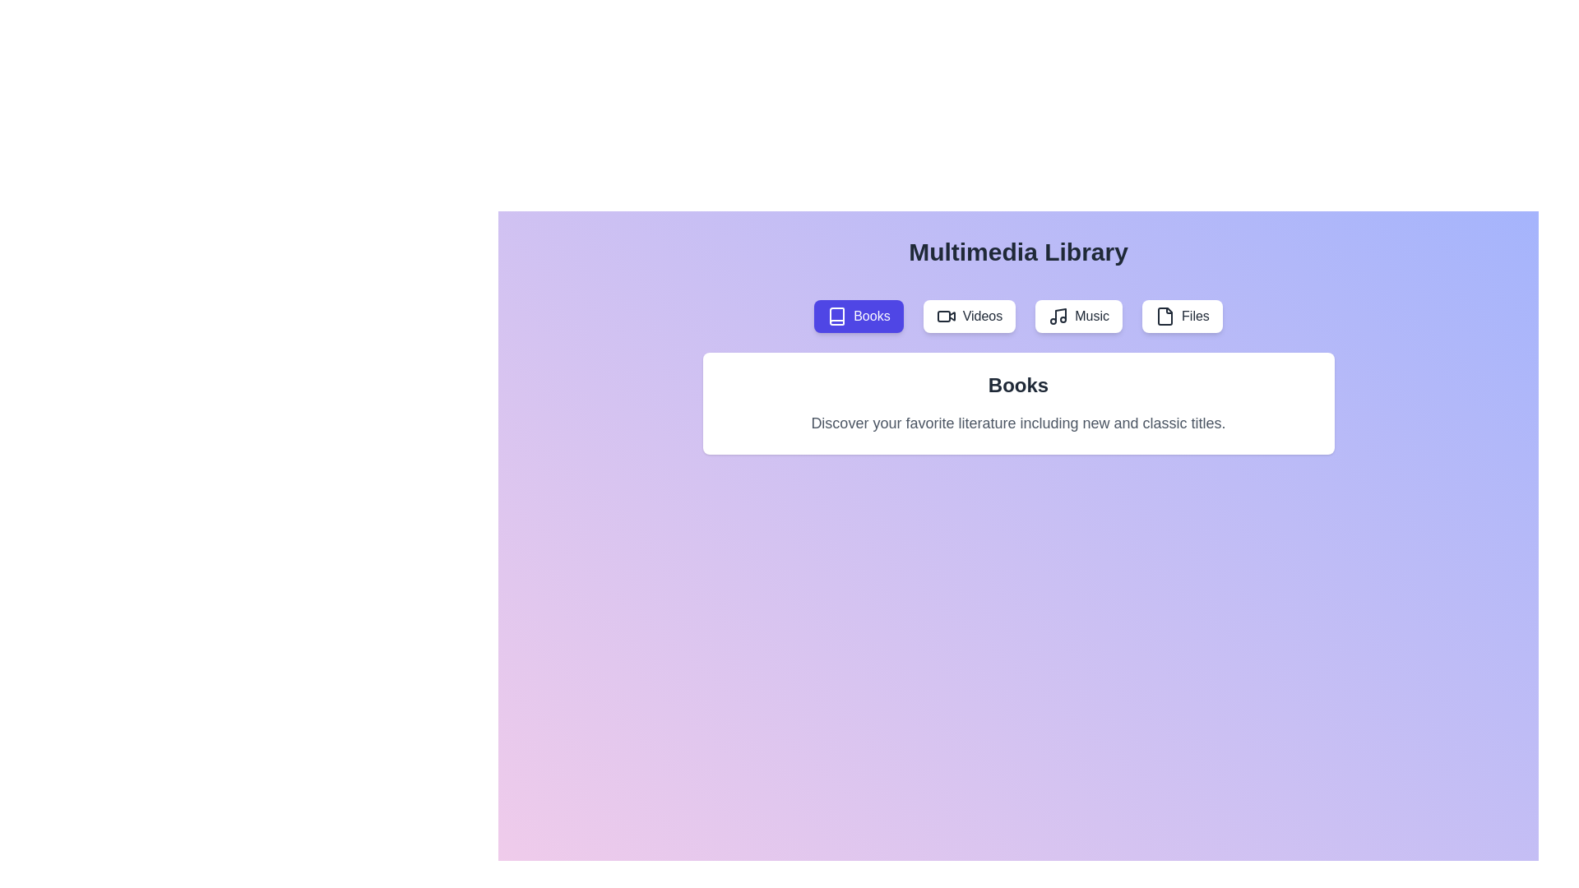  Describe the element at coordinates (969, 317) in the screenshot. I see `the Videos tab by clicking on its button` at that location.